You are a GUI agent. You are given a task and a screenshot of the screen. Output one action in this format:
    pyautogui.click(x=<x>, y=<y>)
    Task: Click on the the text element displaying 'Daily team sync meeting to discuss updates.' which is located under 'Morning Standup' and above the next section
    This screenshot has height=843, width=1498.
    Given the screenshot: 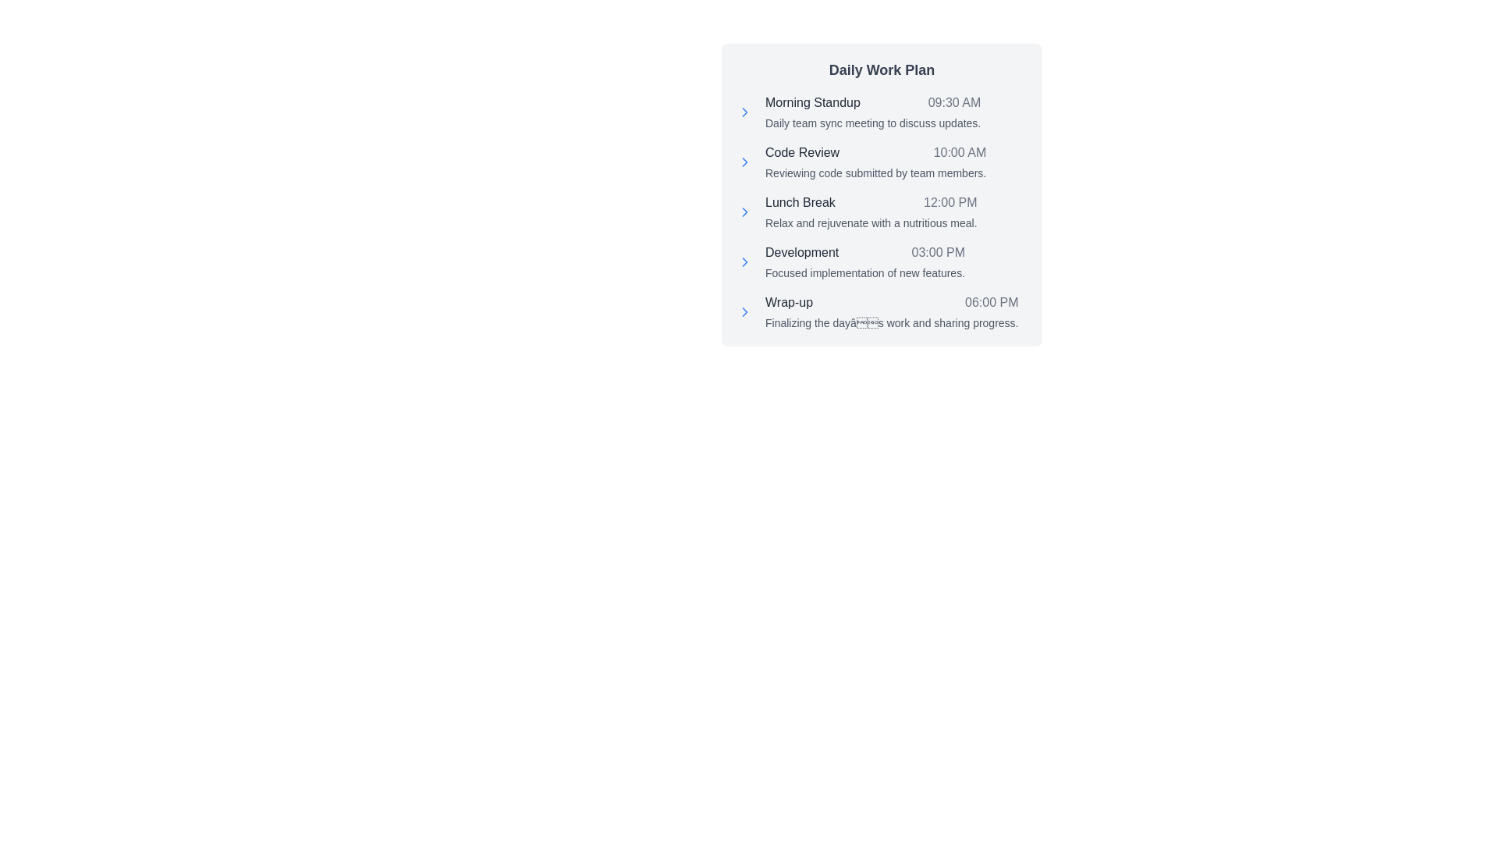 What is the action you would take?
    pyautogui.click(x=872, y=123)
    